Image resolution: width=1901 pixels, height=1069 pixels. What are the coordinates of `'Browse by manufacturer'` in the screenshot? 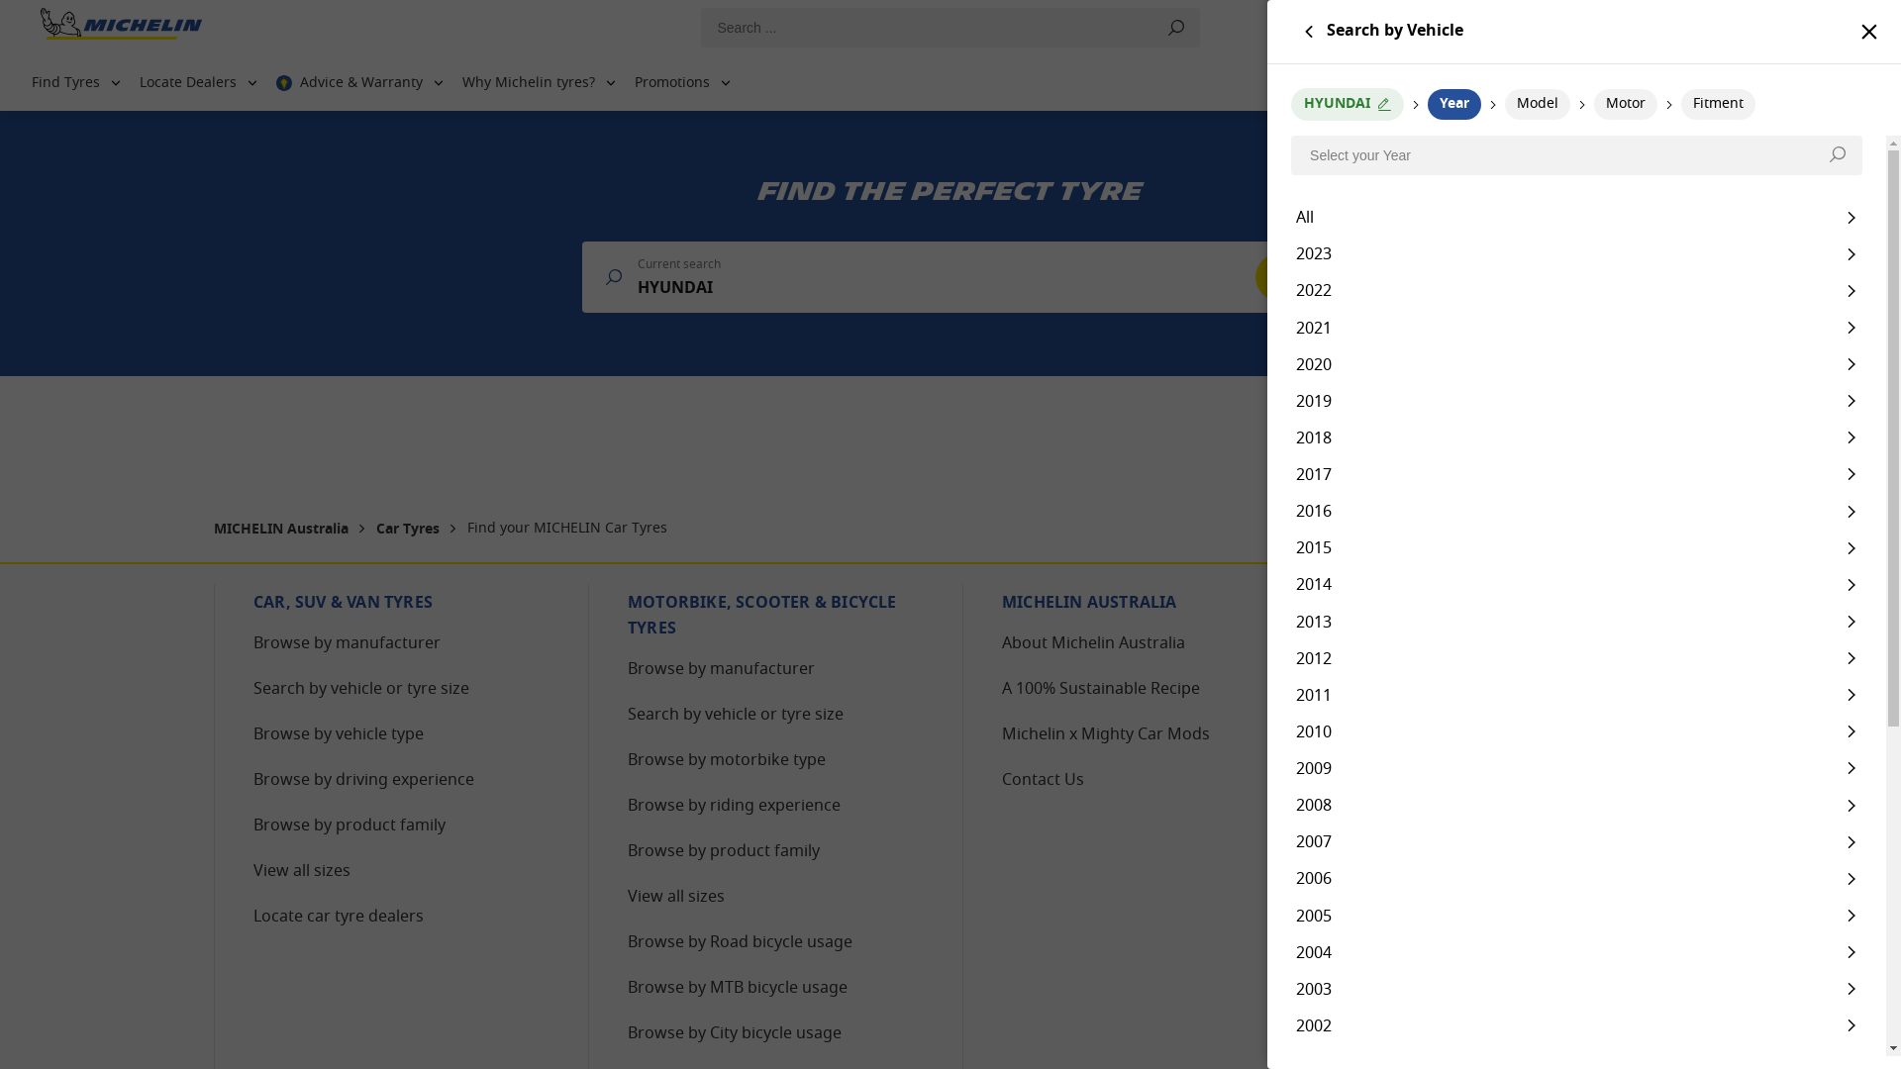 It's located at (251, 644).